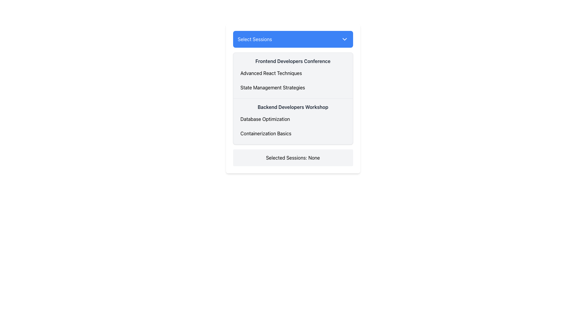  Describe the element at coordinates (272, 88) in the screenshot. I see `the selectable text label for 'State Management Strategies' in the dropdown menu` at that location.